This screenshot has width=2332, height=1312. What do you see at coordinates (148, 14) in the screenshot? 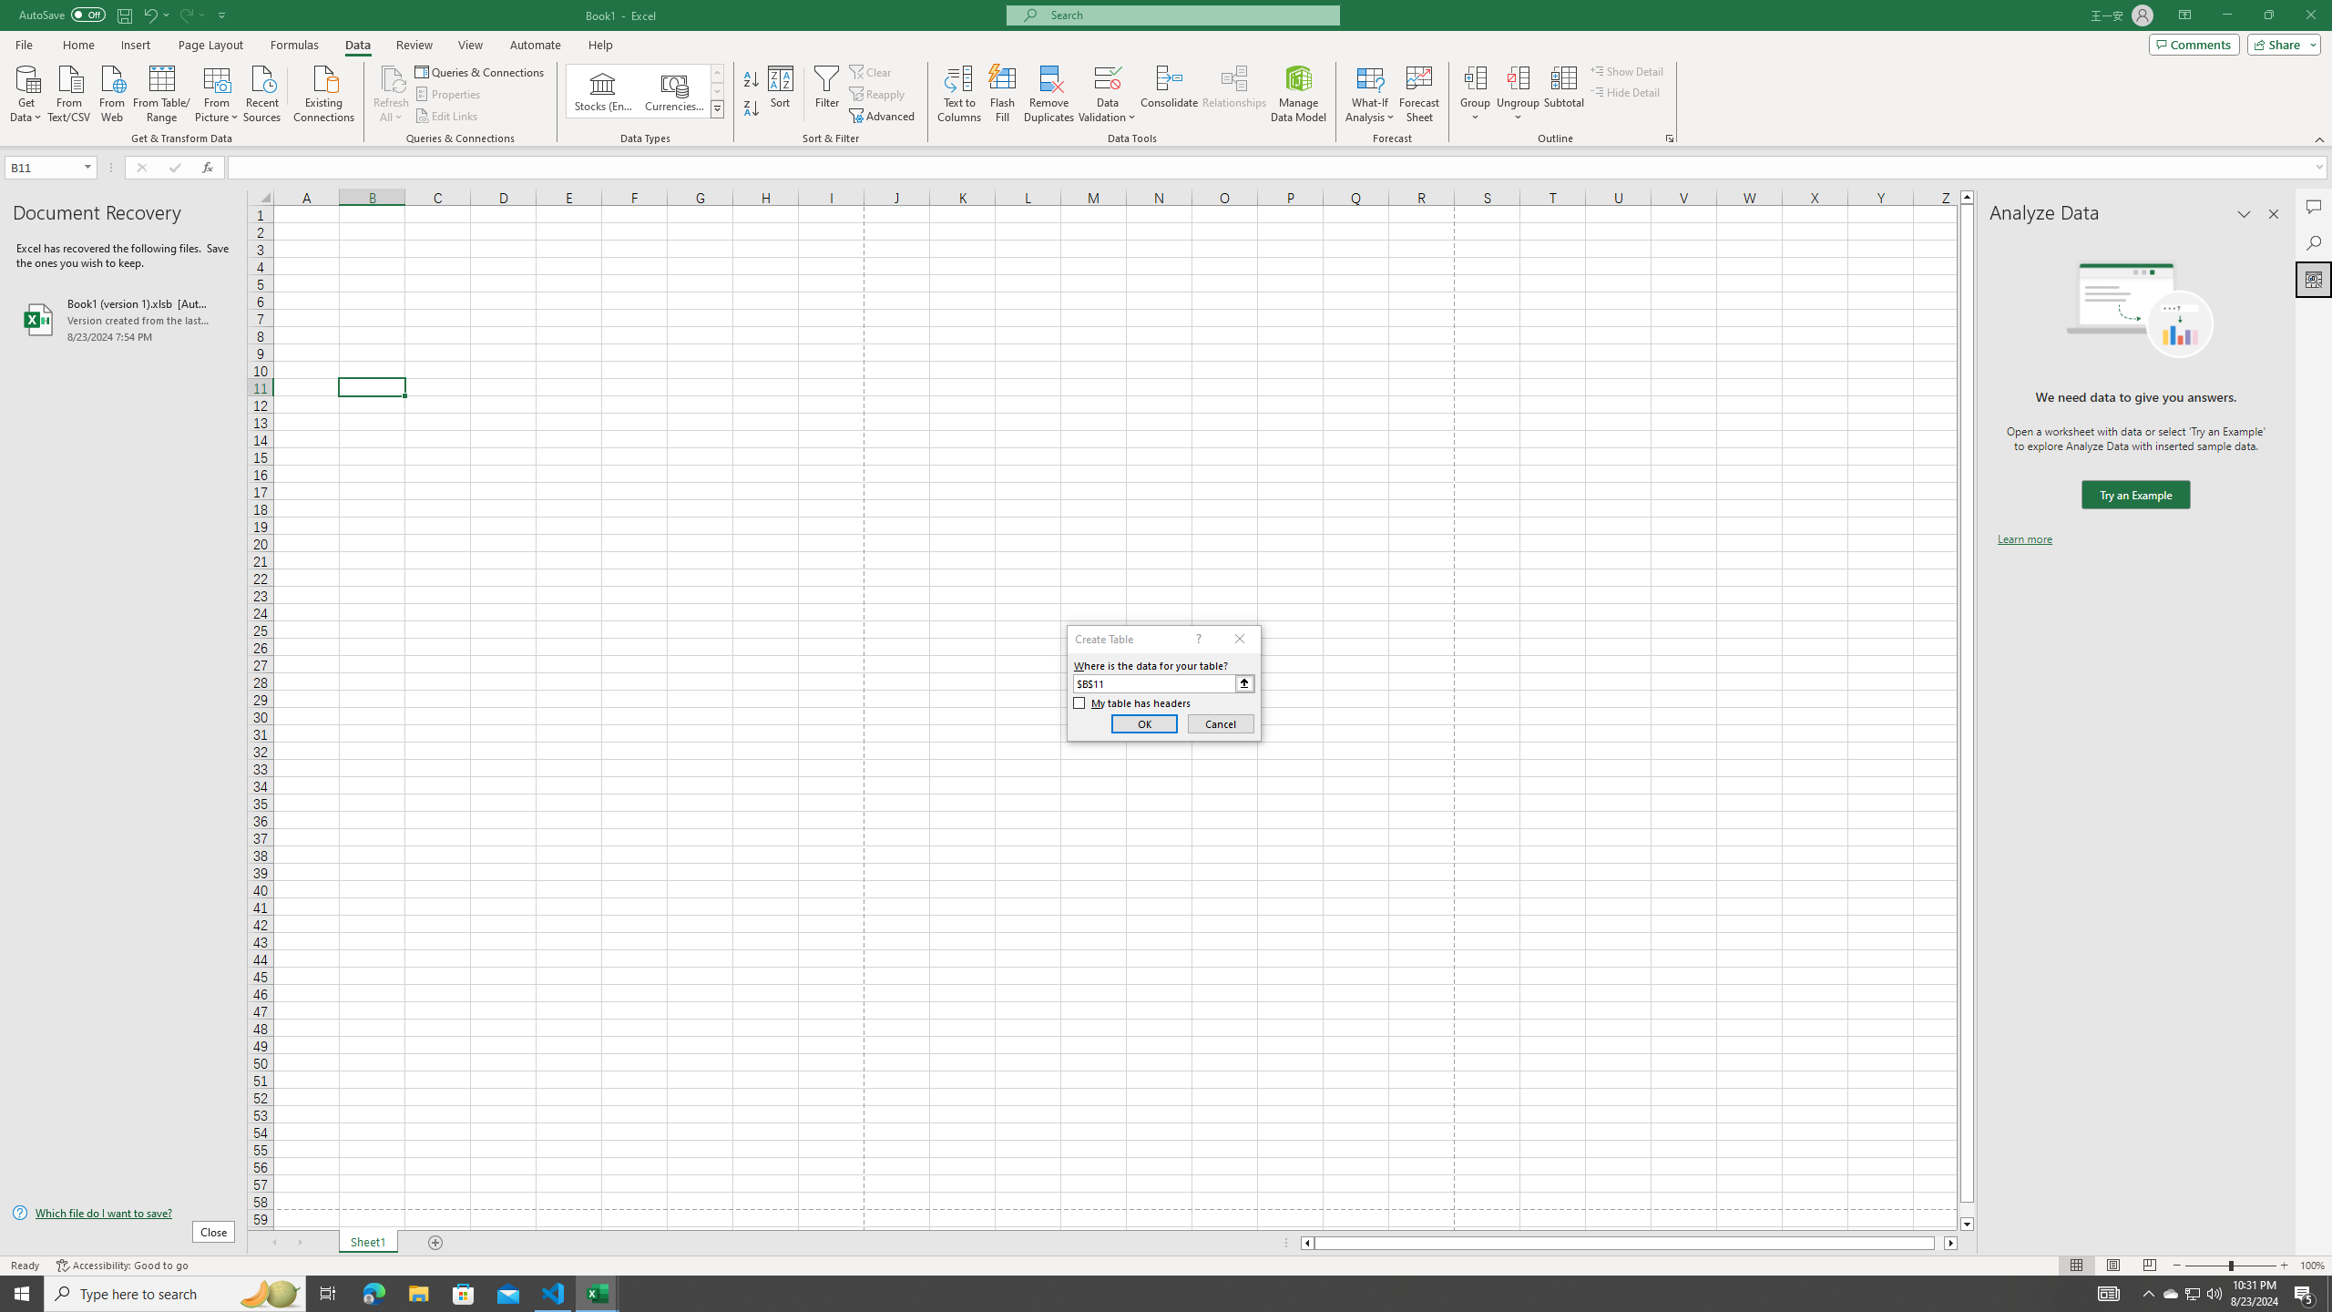
I see `'Undo'` at bounding box center [148, 14].